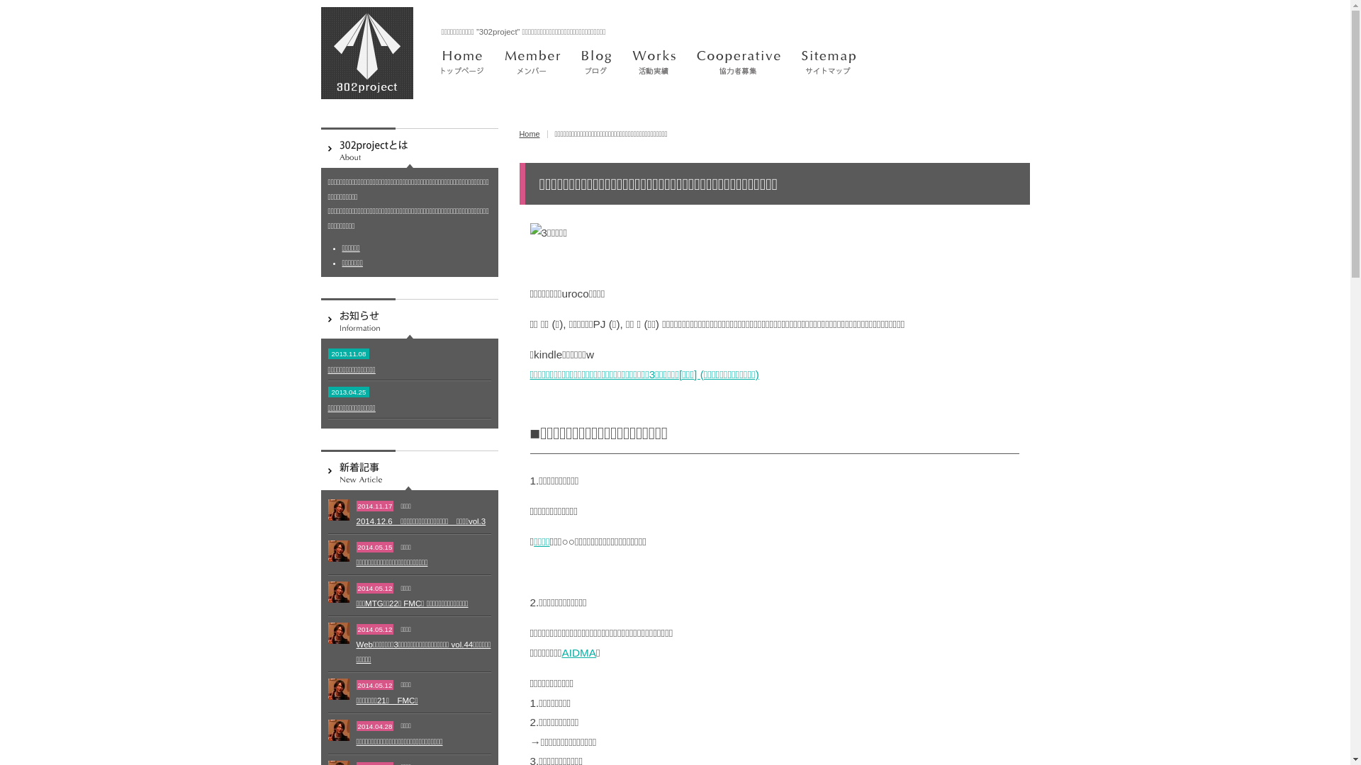 This screenshot has height=765, width=1361. What do you see at coordinates (578, 652) in the screenshot?
I see `'AIDMA'` at bounding box center [578, 652].